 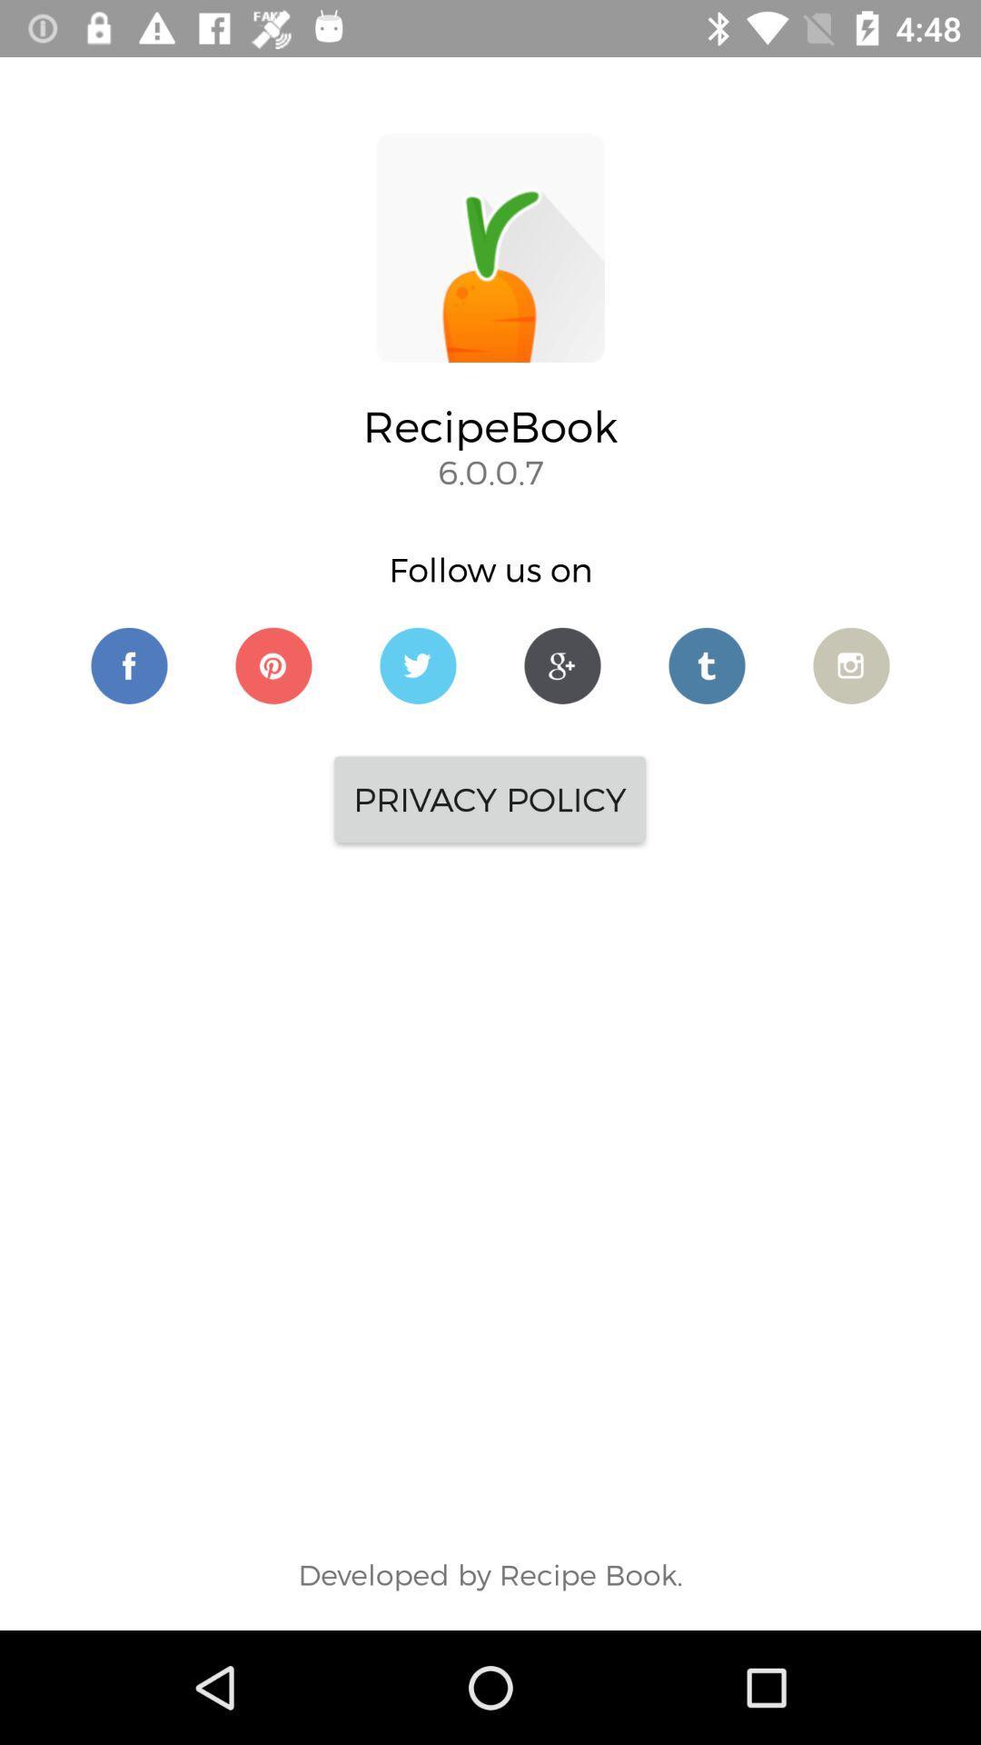 I want to click on to google, so click(x=561, y=664).